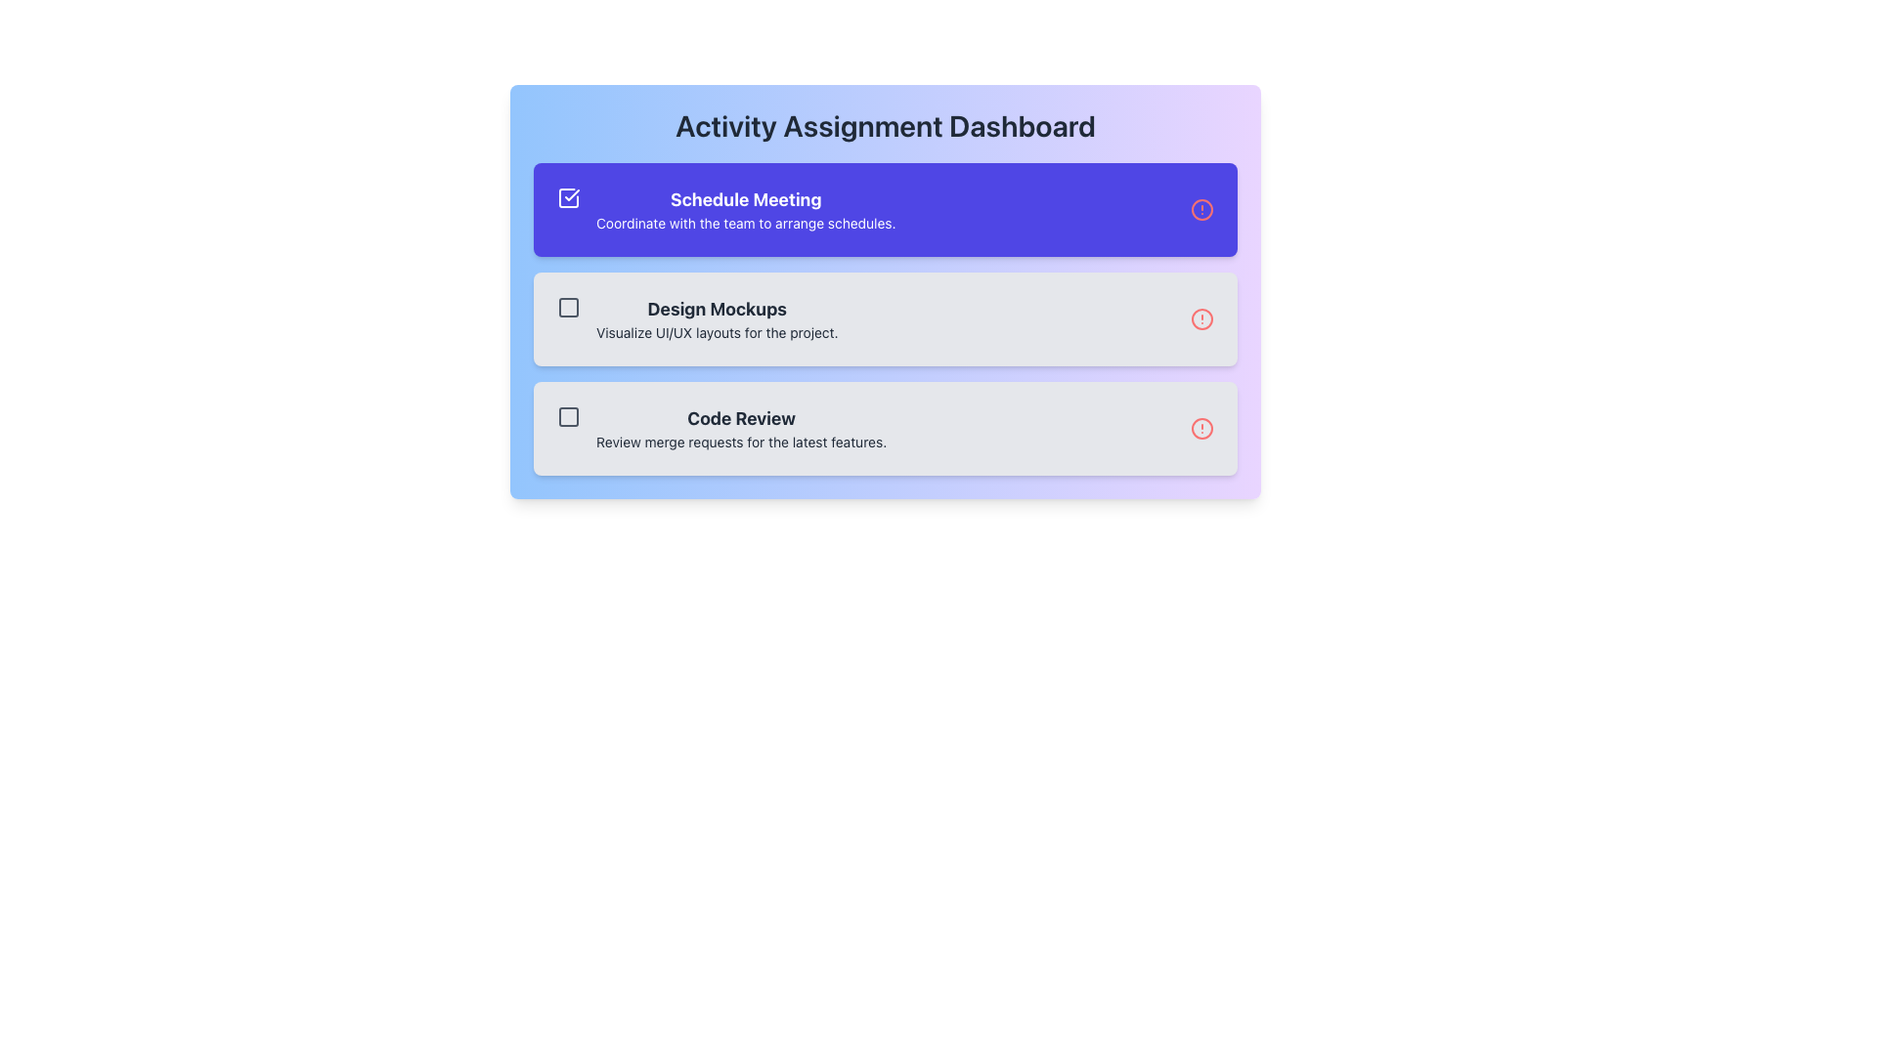  What do you see at coordinates (697, 318) in the screenshot?
I see `the Text Display Panel labeled 'Design Mockups' which is the second item in the vertically stacked card layout, positioned between 'Schedule Meeting' and 'Code Review'` at bounding box center [697, 318].